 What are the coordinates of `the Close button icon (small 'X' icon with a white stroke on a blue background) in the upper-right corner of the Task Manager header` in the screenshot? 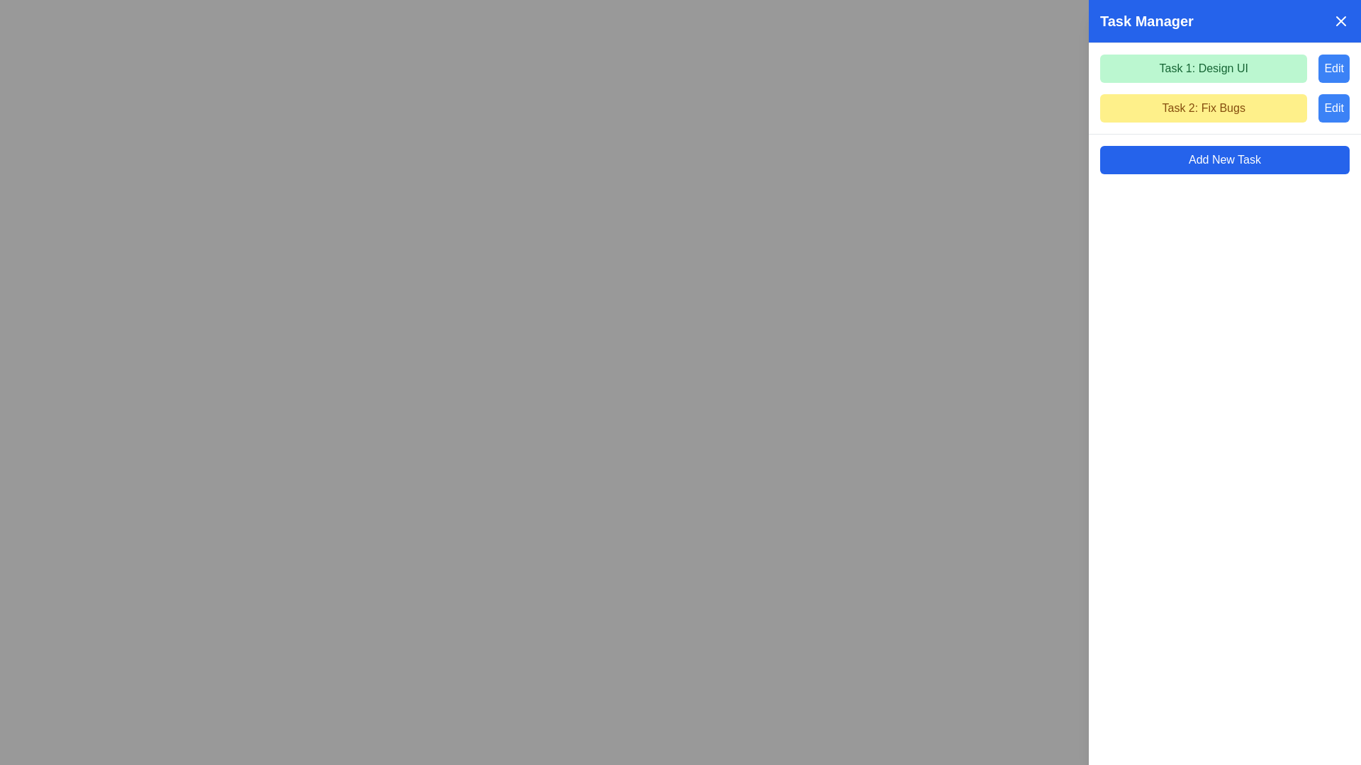 It's located at (1340, 21).